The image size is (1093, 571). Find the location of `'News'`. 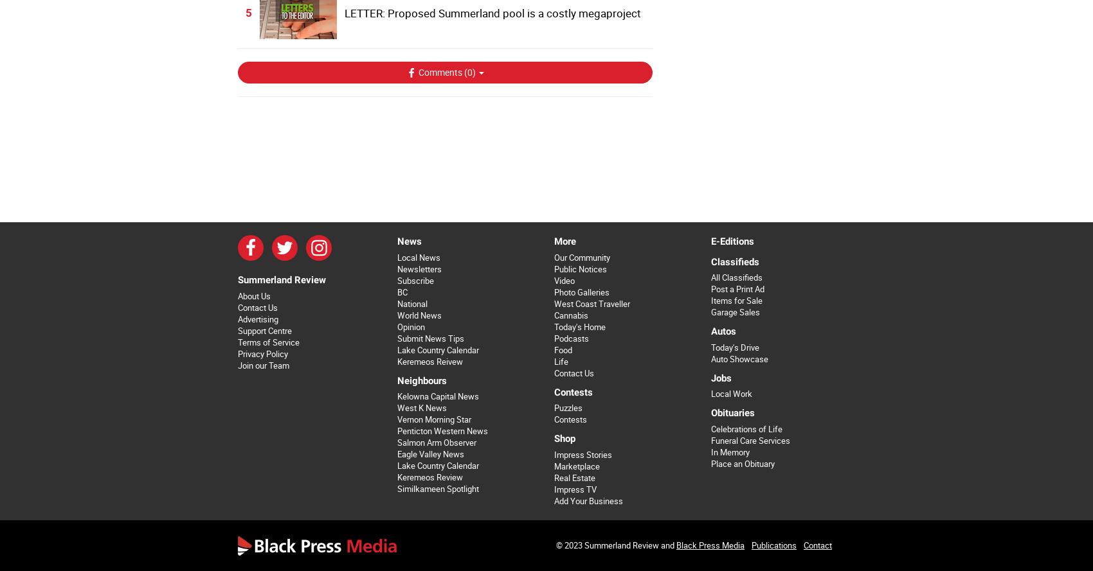

'News' is located at coordinates (408, 240).